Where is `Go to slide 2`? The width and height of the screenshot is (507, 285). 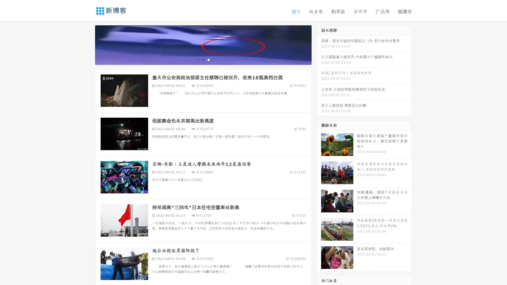 Go to slide 2 is located at coordinates (203, 59).